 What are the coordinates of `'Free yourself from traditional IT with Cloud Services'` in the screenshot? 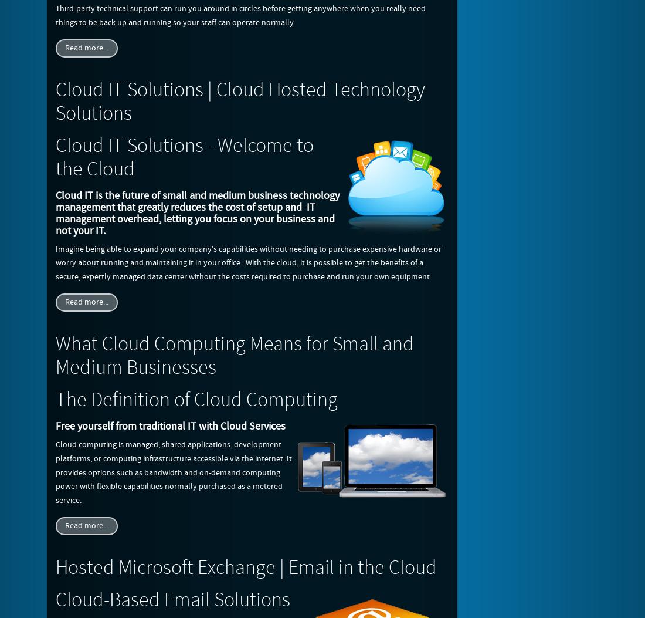 It's located at (169, 425).